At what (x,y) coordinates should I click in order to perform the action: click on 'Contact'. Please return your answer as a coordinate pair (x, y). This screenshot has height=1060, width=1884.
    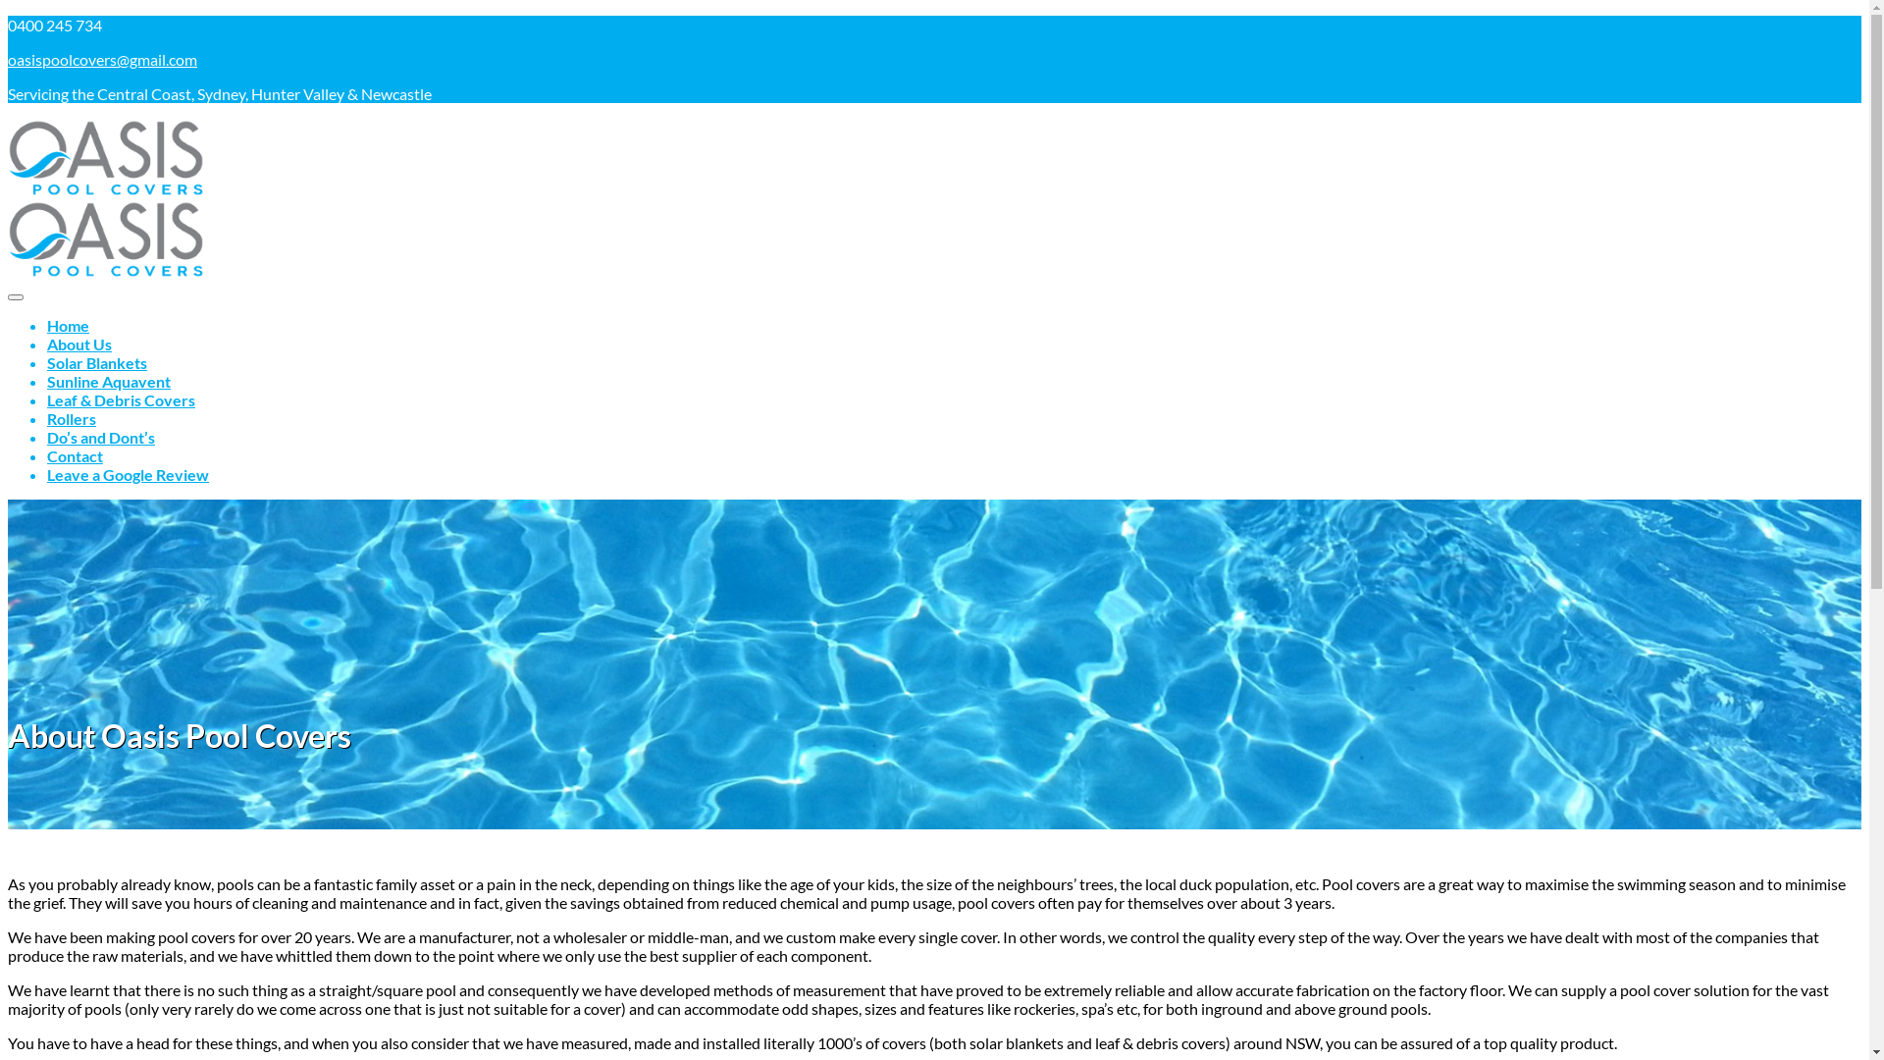
    Looking at the image, I should click on (75, 455).